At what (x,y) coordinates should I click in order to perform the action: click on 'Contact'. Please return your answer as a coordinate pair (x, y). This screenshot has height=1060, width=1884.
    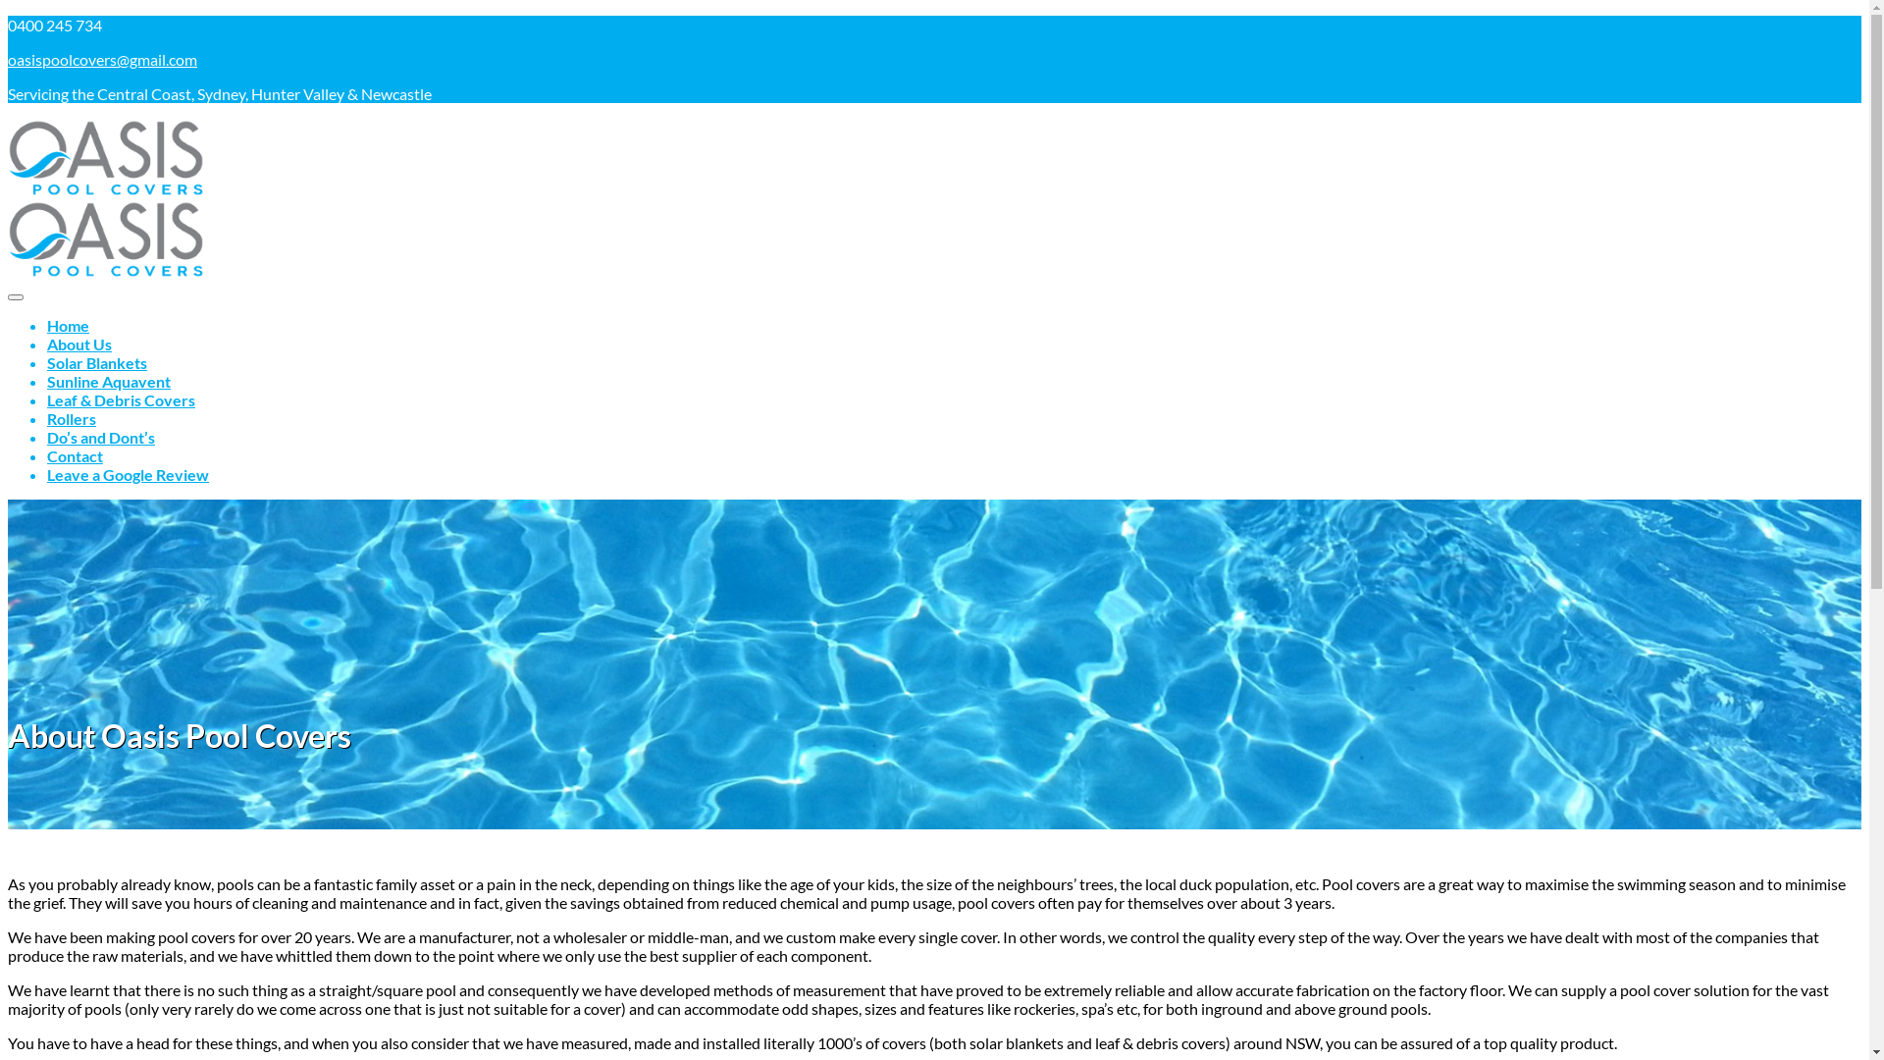
    Looking at the image, I should click on (75, 455).